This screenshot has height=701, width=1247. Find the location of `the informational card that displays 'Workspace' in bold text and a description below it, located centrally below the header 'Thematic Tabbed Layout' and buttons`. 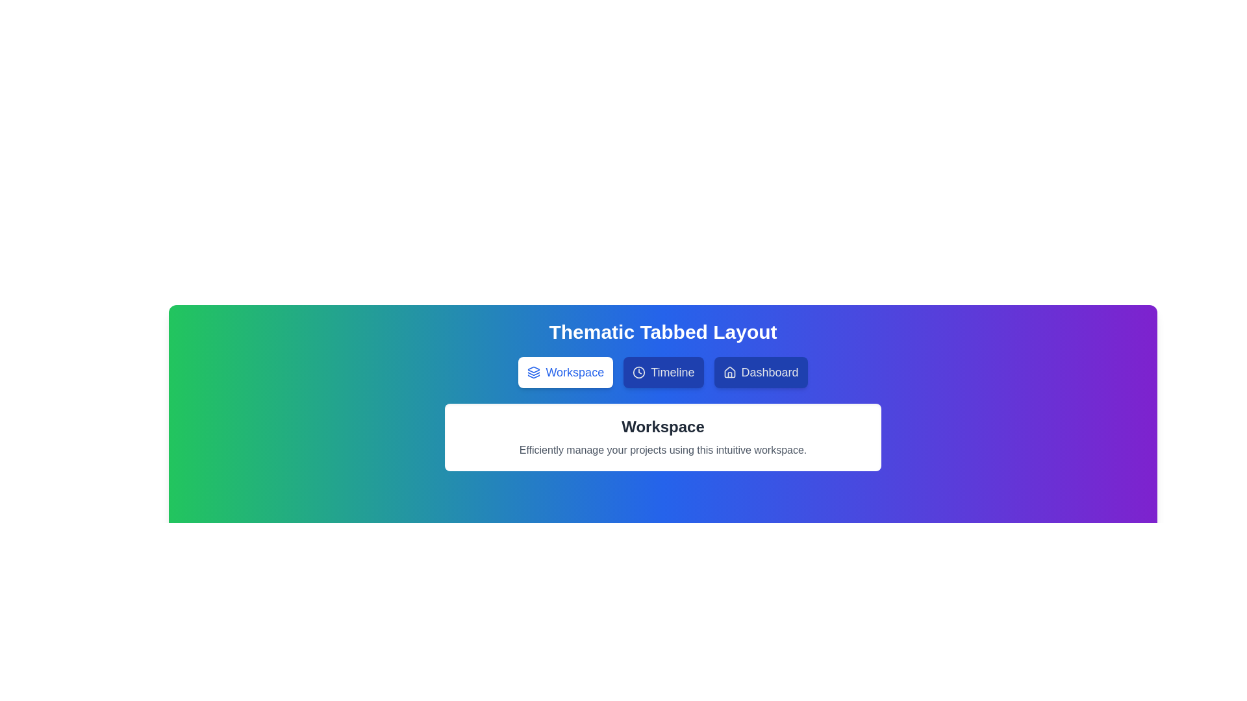

the informational card that displays 'Workspace' in bold text and a description below it, located centrally below the header 'Thematic Tabbed Layout' and buttons is located at coordinates (663, 437).